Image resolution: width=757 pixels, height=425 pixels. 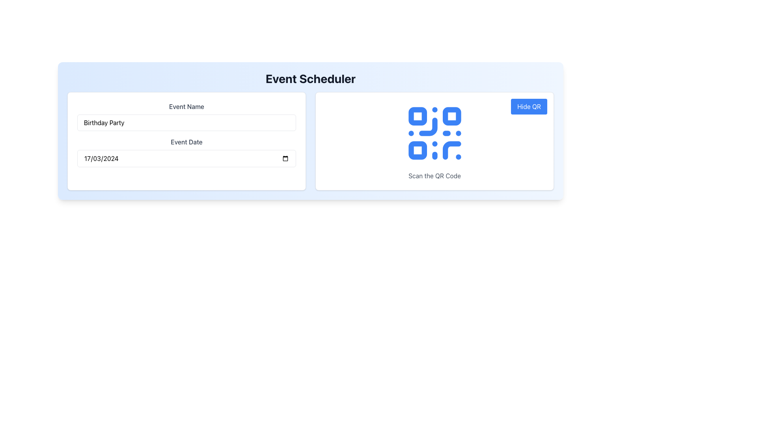 I want to click on the 'Event Date' label, which is displayed in bold gray text and positioned below the 'Event Name' label, so click(x=186, y=142).